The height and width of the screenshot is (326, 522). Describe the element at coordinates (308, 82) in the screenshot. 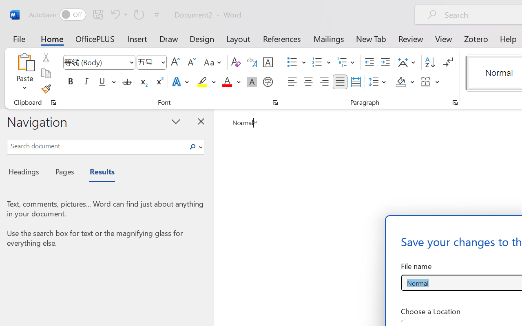

I see `'Center'` at that location.